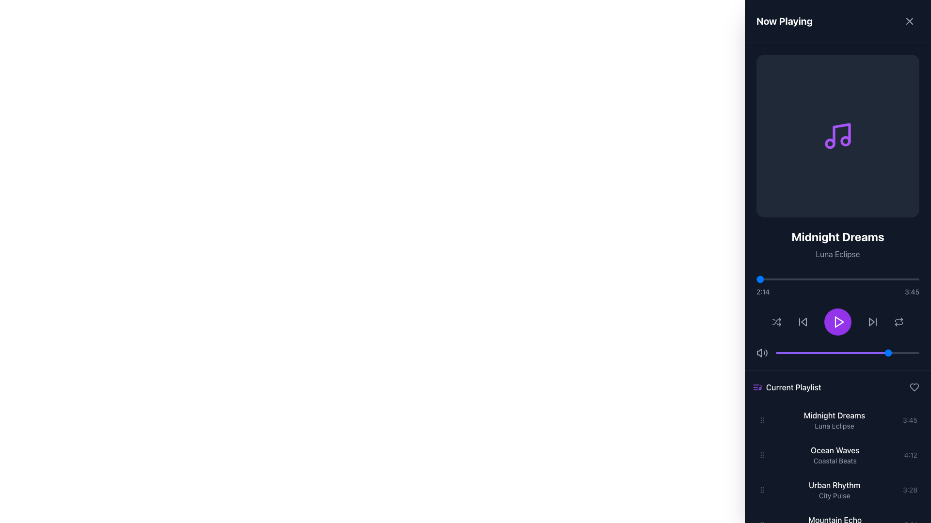 The height and width of the screenshot is (523, 931). What do you see at coordinates (910, 455) in the screenshot?
I see `the text label displaying '4:12' in a small gray font located in the 'Current Playlist' section, aligned with the song 'Ocean Waves' by 'Coastal Beats'` at bounding box center [910, 455].